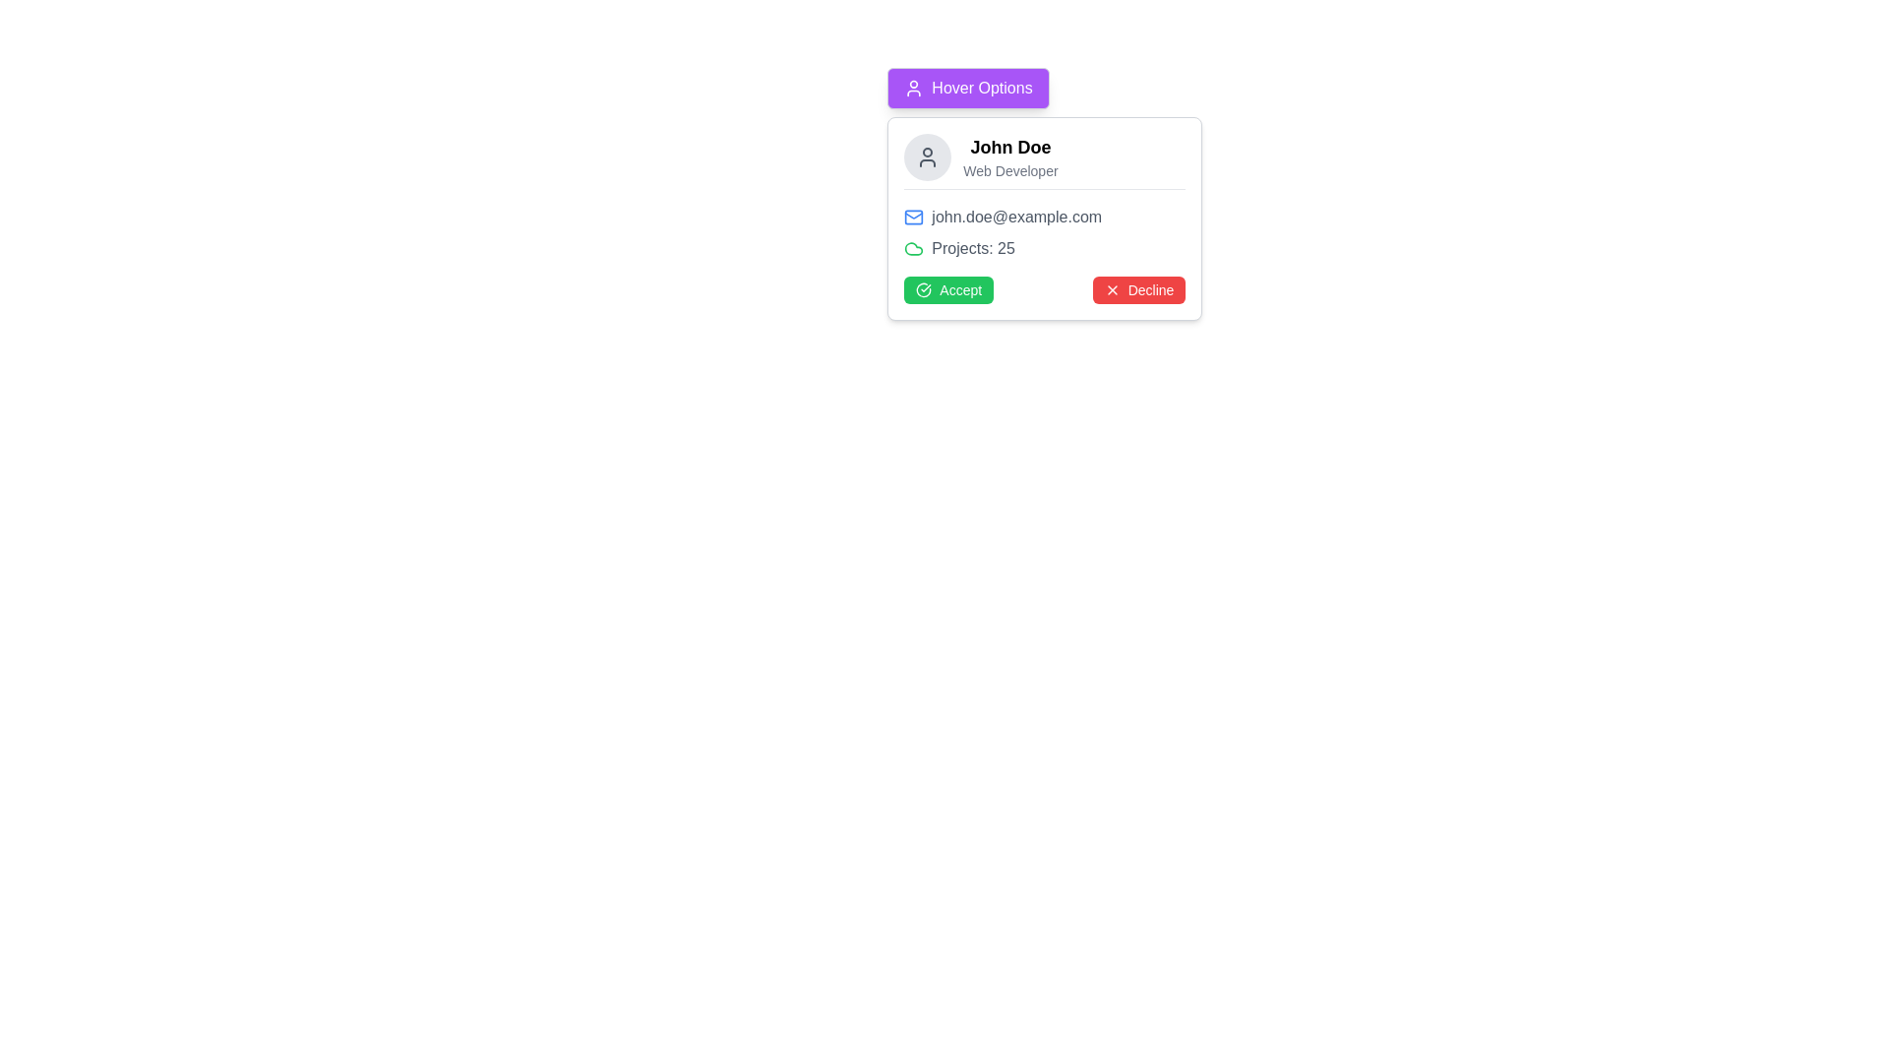 This screenshot has height=1063, width=1889. I want to click on the 'Accept' button located in the lower section of the card layout, aligned to the left side, to confirm the proposal or invitation, so click(948, 289).